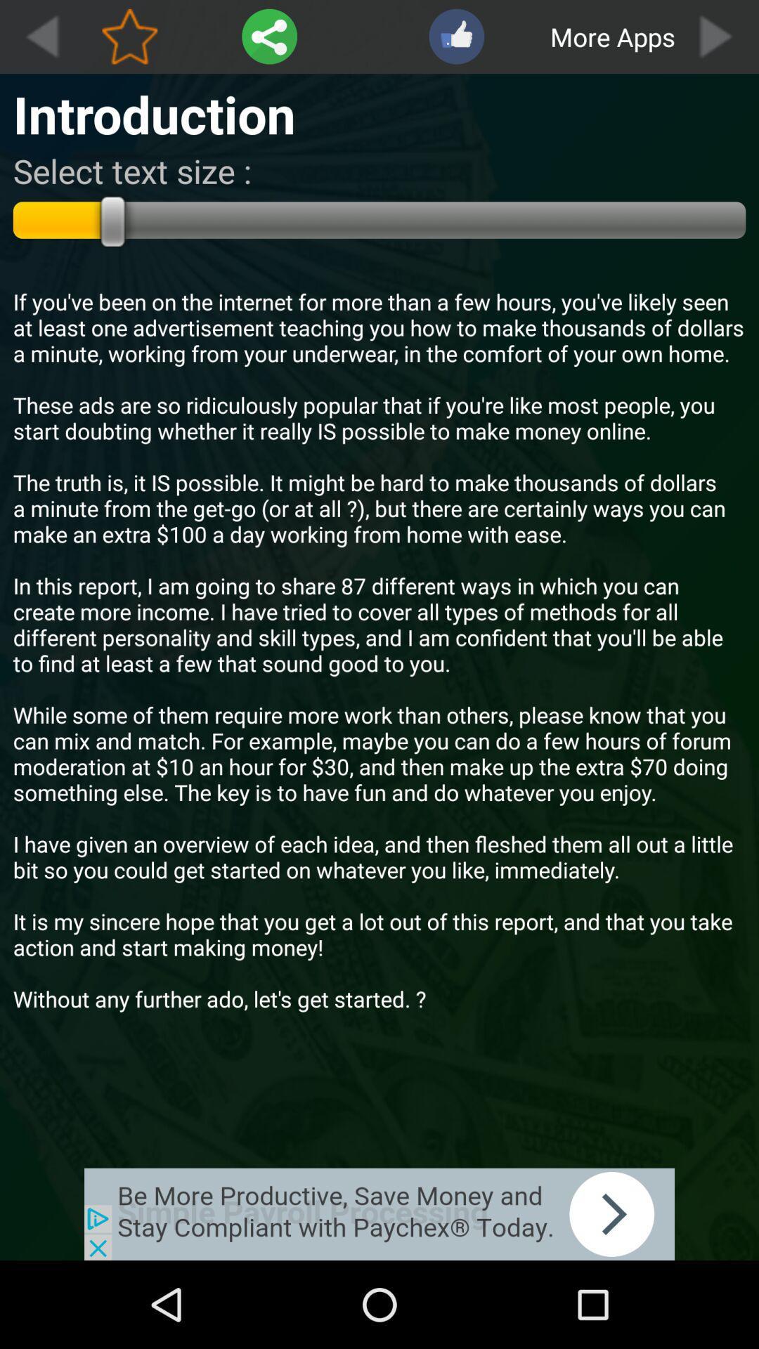  I want to click on setting, so click(269, 37).